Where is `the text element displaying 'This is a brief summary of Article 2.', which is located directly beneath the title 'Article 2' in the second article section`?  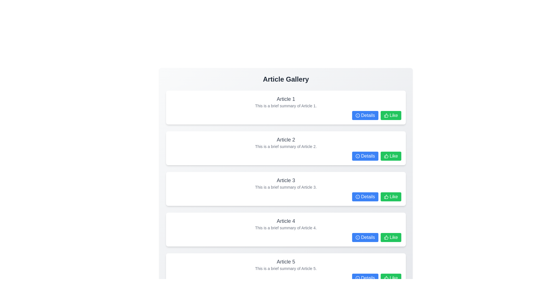
the text element displaying 'This is a brief summary of Article 2.', which is located directly beneath the title 'Article 2' in the second article section is located at coordinates (286, 146).